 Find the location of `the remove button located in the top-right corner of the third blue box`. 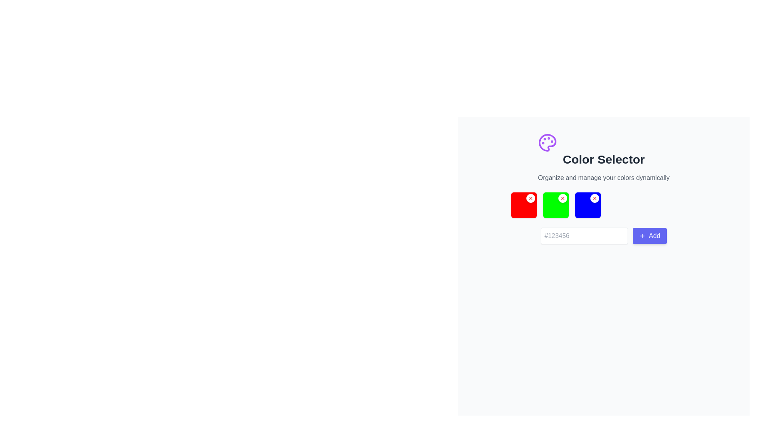

the remove button located in the top-right corner of the third blue box is located at coordinates (594, 198).